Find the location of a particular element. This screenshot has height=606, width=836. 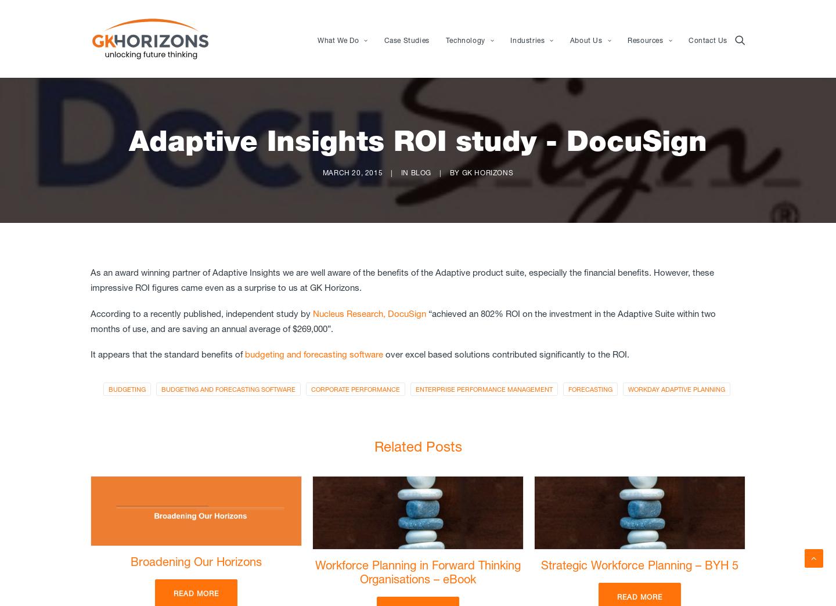

'Enterprise Performance Management' is located at coordinates (484, 388).